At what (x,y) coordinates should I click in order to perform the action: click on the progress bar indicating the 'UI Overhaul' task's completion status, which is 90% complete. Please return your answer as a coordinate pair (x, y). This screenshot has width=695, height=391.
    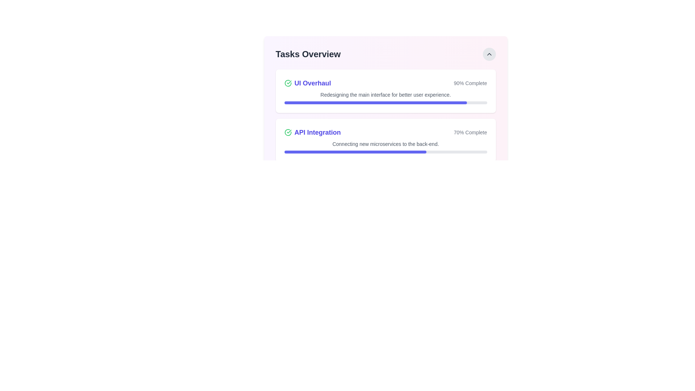
    Looking at the image, I should click on (385, 103).